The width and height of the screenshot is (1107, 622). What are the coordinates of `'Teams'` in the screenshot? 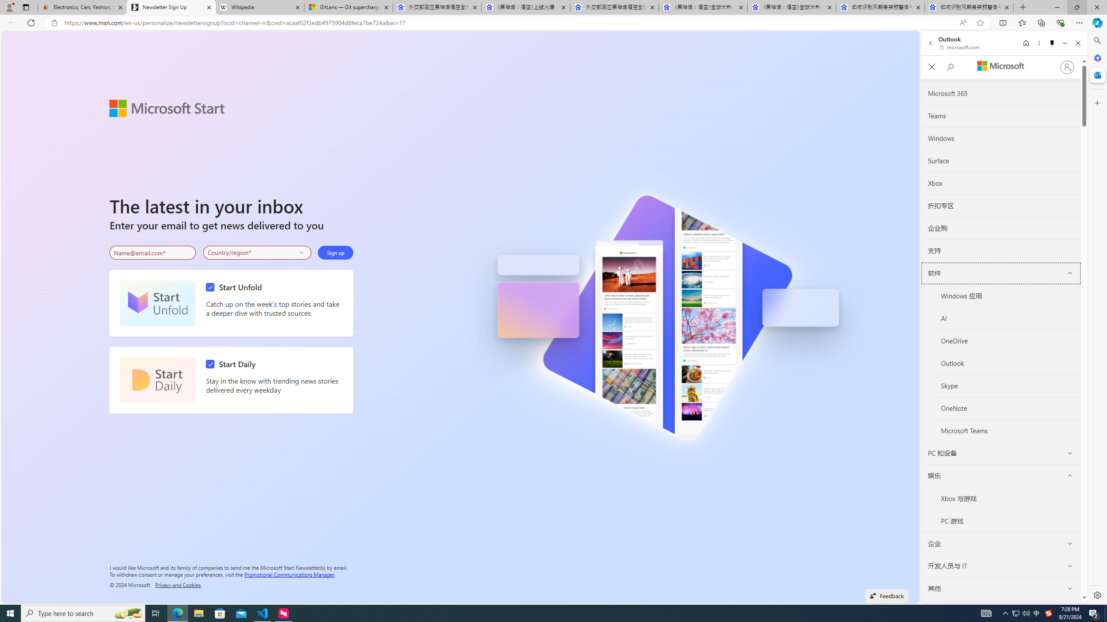 It's located at (1001, 115).